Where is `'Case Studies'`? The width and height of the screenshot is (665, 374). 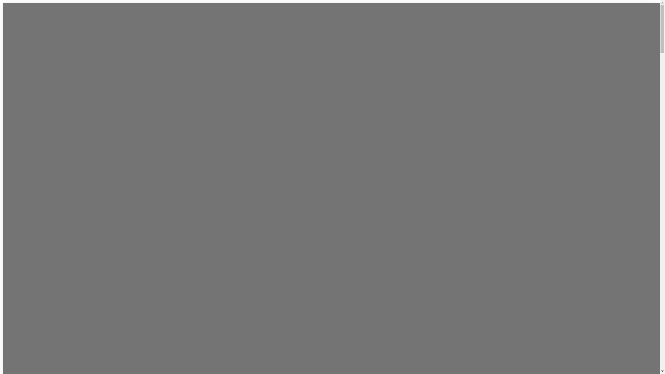
'Case Studies' is located at coordinates (286, 243).